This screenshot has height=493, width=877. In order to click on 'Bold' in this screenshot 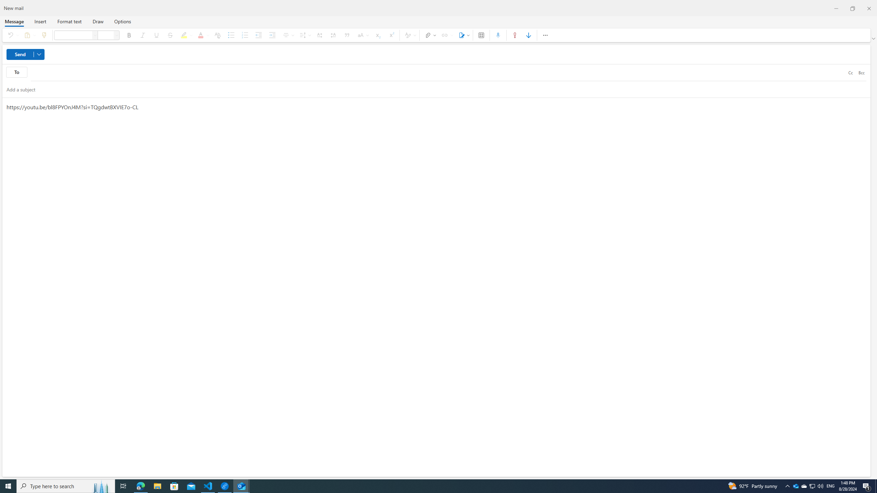, I will do `click(128, 35)`.